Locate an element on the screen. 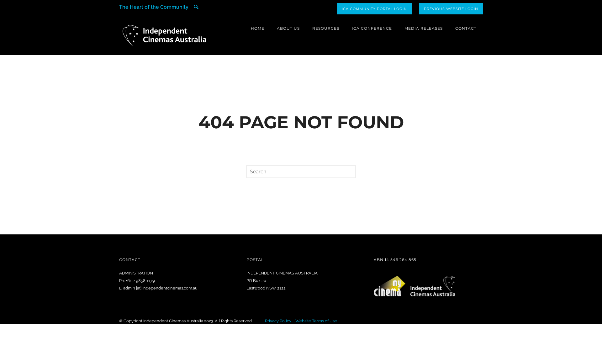  'MEDIA RELEASES' is located at coordinates (423, 28).